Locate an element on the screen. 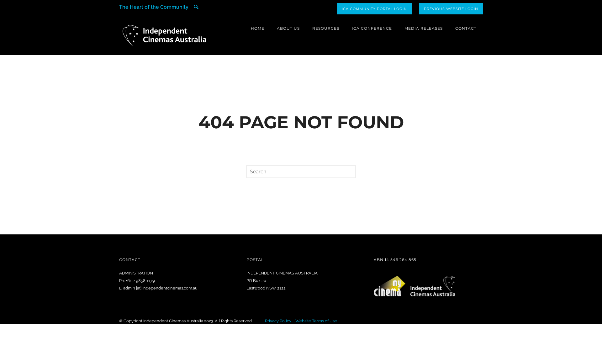  'MEDIA RELEASES' is located at coordinates (423, 28).